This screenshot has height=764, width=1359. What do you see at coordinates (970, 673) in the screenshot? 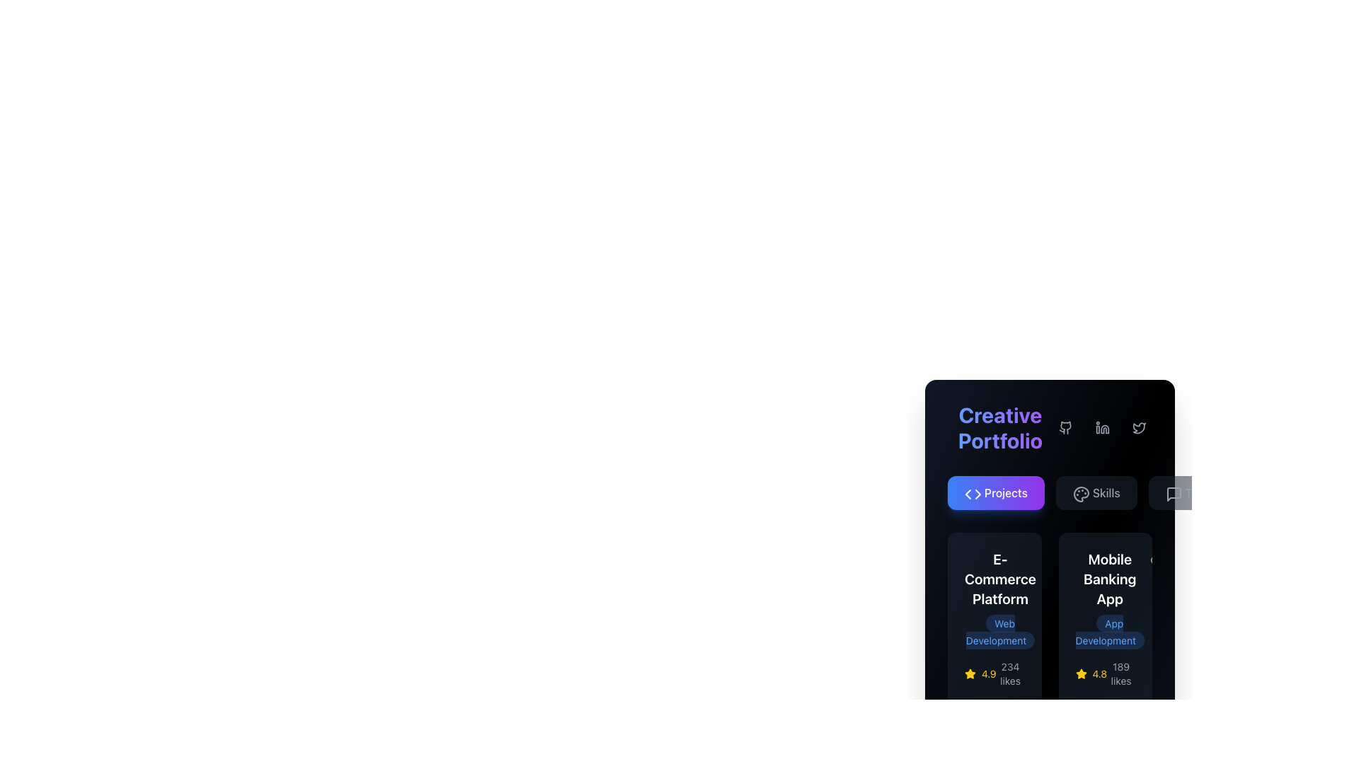
I see `the yellow star icon indicating a 4.8 rating in the Mobile Banking App section` at bounding box center [970, 673].